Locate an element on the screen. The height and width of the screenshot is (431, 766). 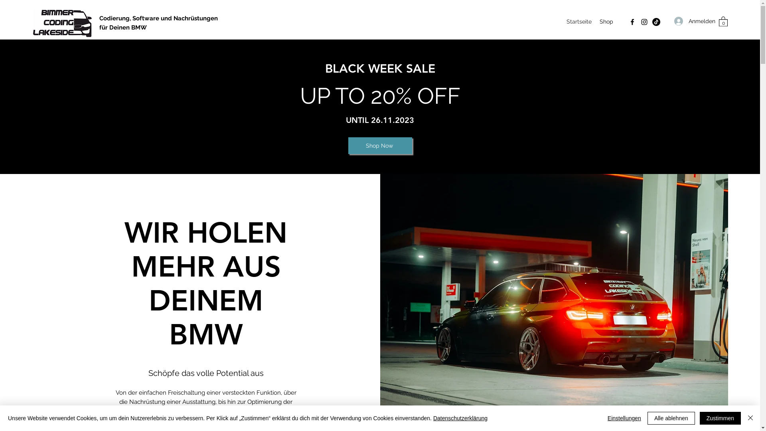
'Shop' is located at coordinates (606, 21).